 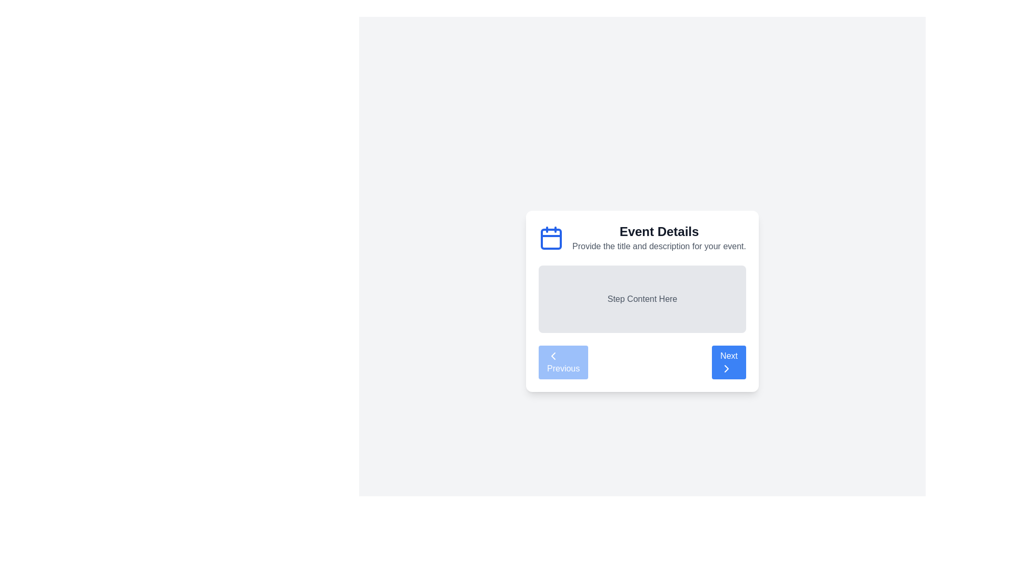 What do you see at coordinates (659, 238) in the screenshot?
I see `the text-based informational component that provides an introduction and guidance for entering event details, located in the upper-central area of the card interface, to the right of the calendar icon` at bounding box center [659, 238].